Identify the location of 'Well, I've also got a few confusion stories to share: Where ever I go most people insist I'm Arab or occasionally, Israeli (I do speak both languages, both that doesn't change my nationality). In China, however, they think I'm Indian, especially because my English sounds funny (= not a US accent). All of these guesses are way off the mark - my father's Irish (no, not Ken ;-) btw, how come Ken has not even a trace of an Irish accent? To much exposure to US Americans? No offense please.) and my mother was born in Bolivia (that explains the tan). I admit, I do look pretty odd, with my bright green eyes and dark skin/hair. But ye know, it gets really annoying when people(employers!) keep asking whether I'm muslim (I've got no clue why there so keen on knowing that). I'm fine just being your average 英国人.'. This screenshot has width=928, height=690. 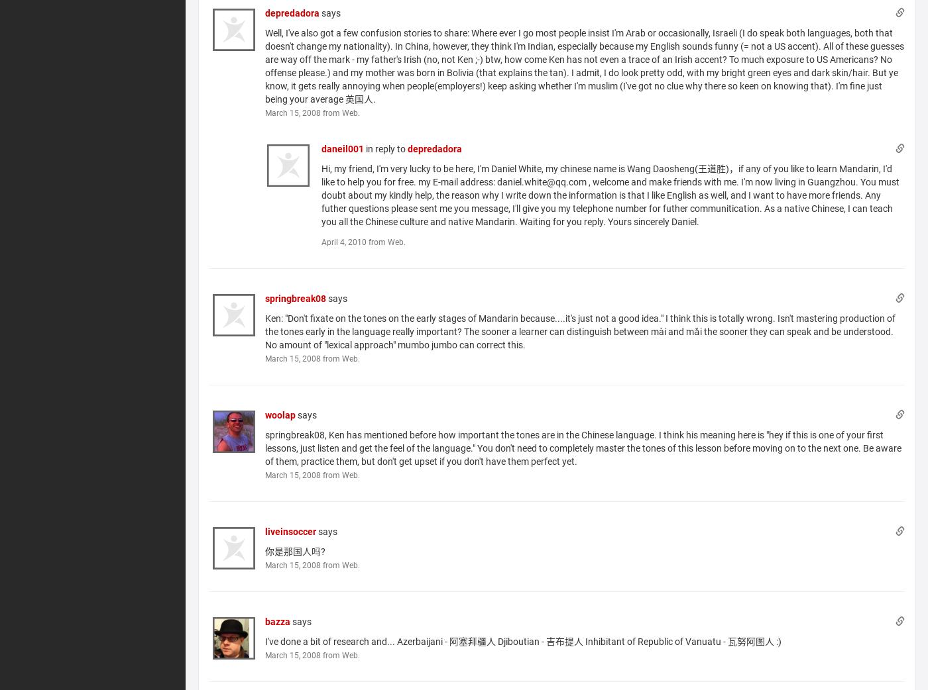
(585, 65).